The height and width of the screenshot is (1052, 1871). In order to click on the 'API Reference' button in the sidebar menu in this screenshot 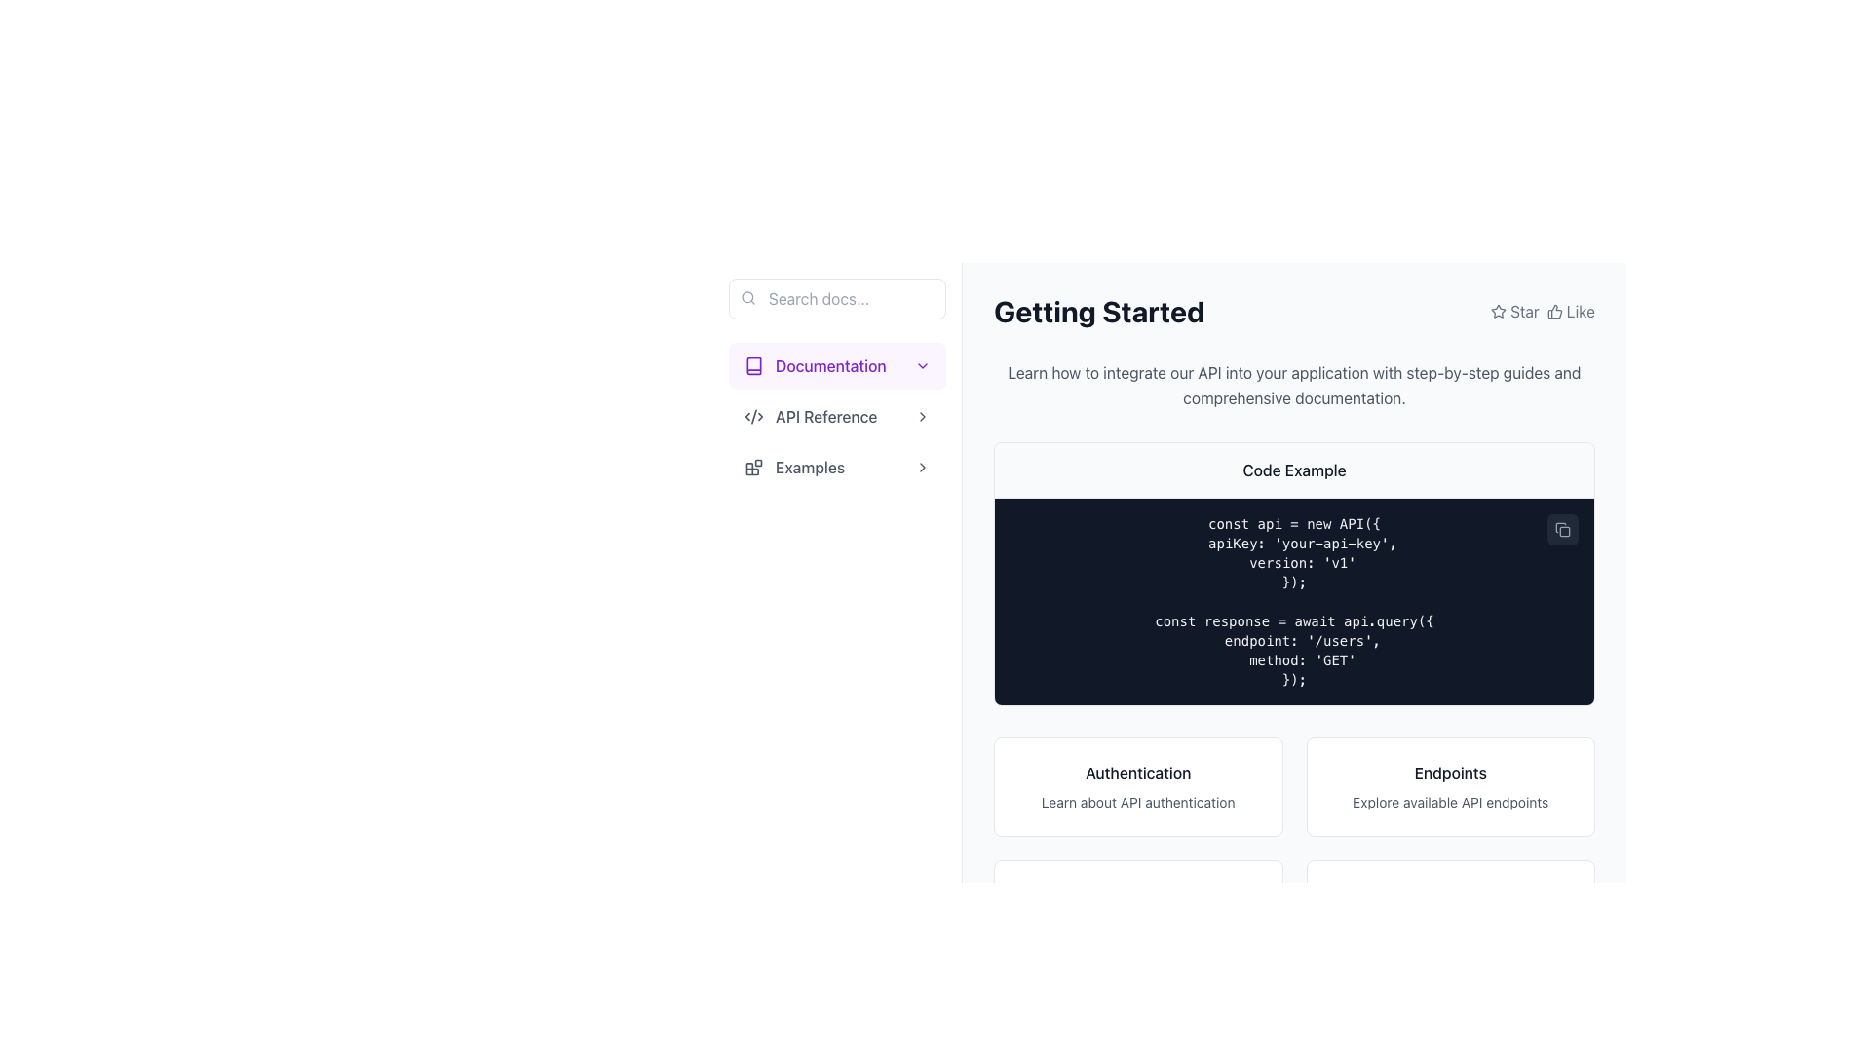, I will do `click(837, 416)`.